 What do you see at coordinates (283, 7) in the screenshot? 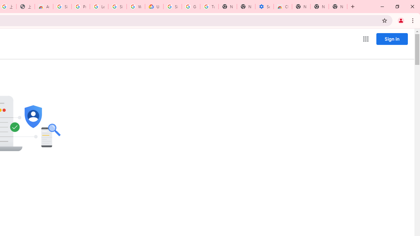
I see `'Chrome Web Store - Accessibility extensions'` at bounding box center [283, 7].